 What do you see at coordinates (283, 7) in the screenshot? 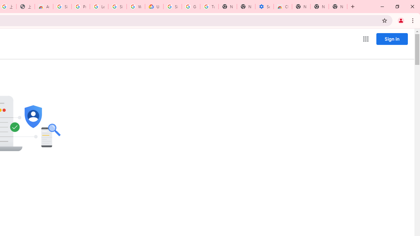
I see `'Chrome Web Store - Accessibility extensions'` at bounding box center [283, 7].